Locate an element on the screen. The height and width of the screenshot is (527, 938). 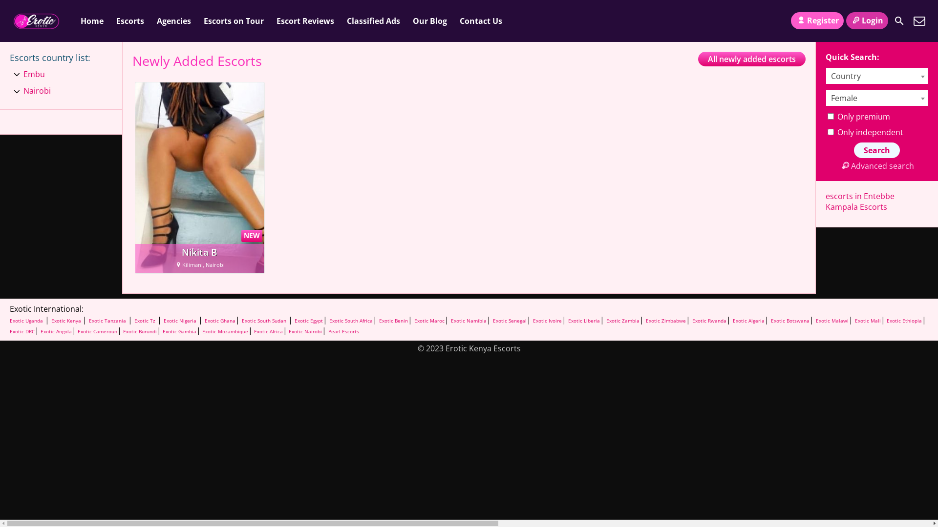
'Exotic South Sudan' is located at coordinates (241, 320).